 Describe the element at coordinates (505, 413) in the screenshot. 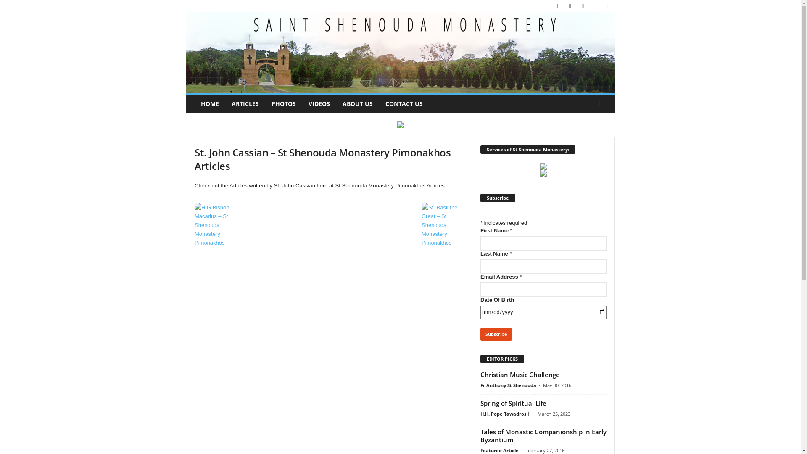

I see `'H.H. Pope Tawadros II'` at that location.